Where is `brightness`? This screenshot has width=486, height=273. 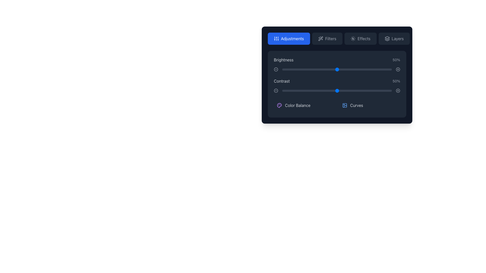 brightness is located at coordinates (357, 69).